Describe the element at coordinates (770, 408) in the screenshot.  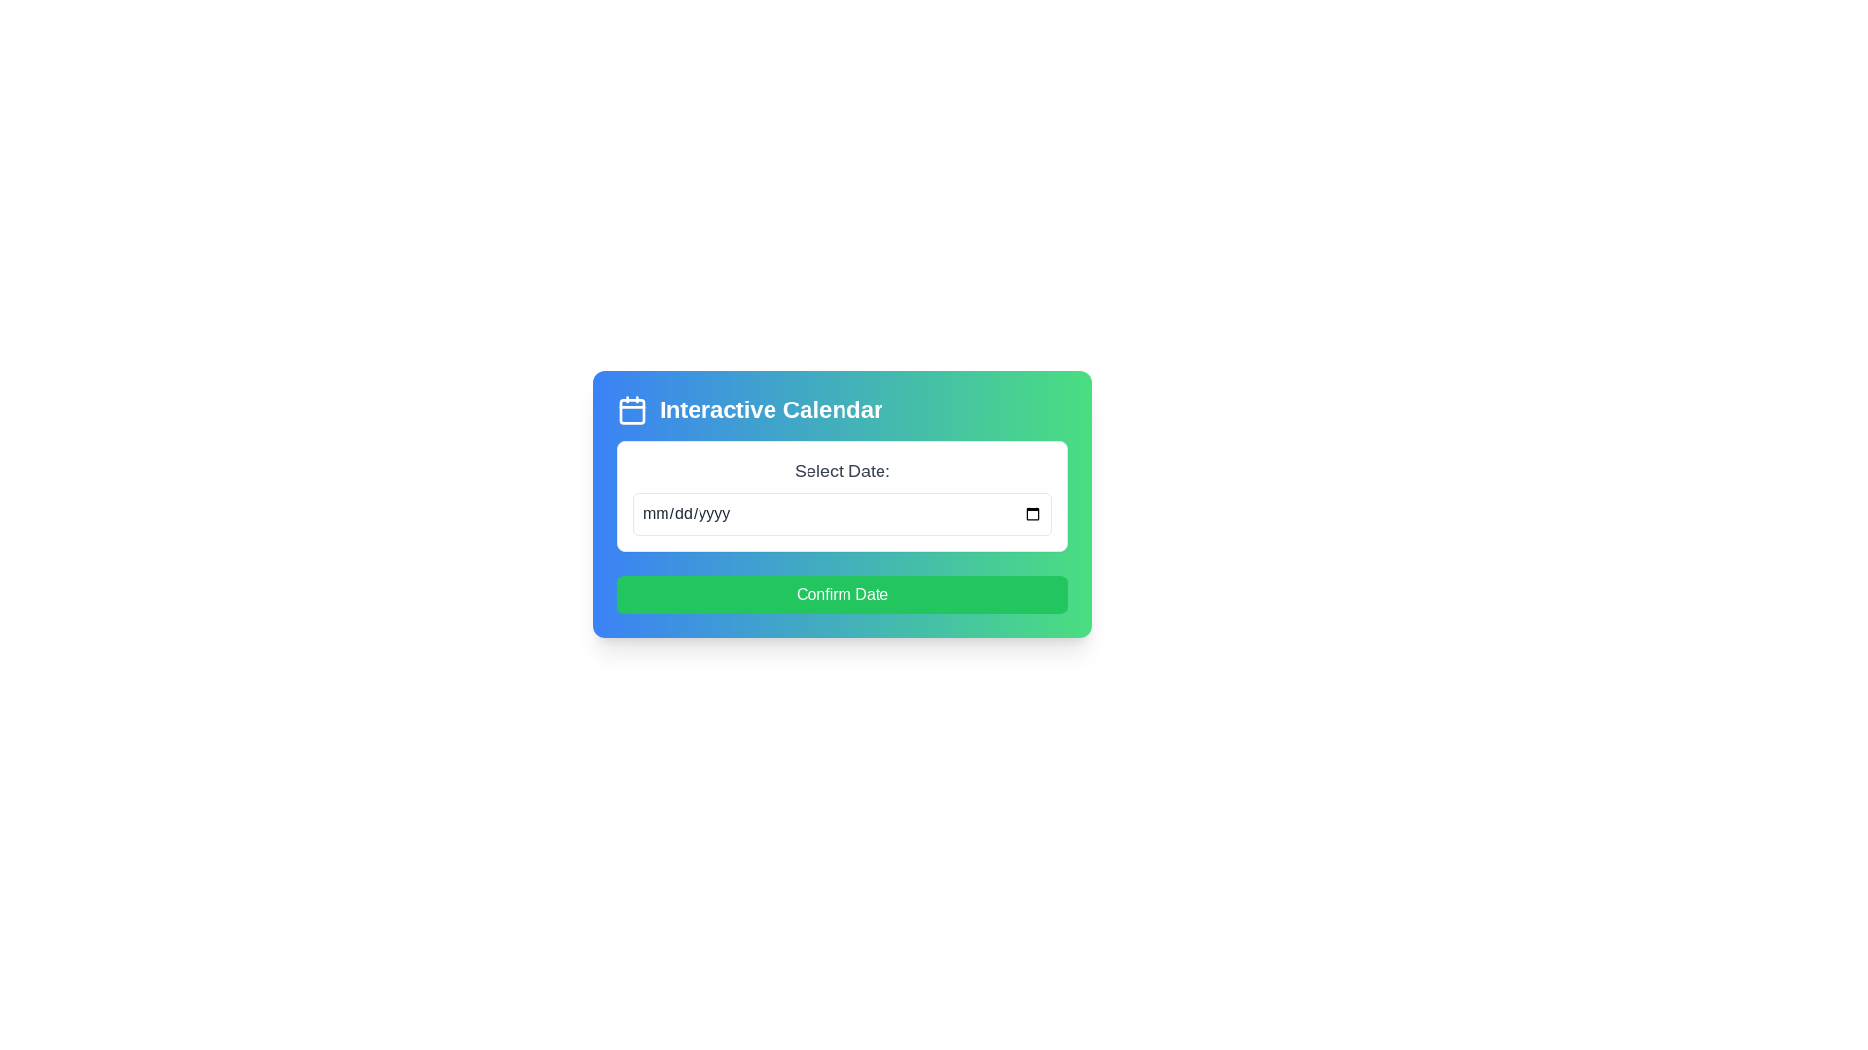
I see `the Text Label that serves as the title of the interface, located at the top center of the card interface, next to the calendar icon` at that location.